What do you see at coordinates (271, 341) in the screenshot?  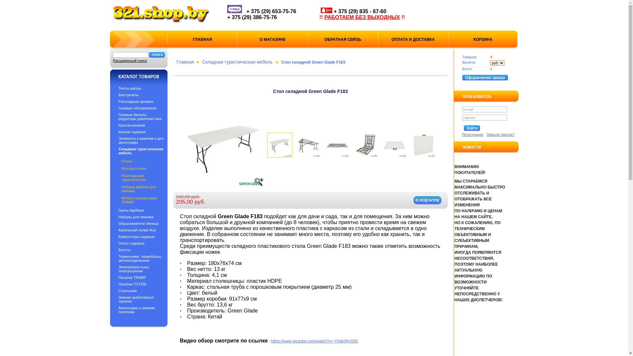 I see `'https://www.youtube.com/watch?v=-YHdkXhyS00'` at bounding box center [271, 341].